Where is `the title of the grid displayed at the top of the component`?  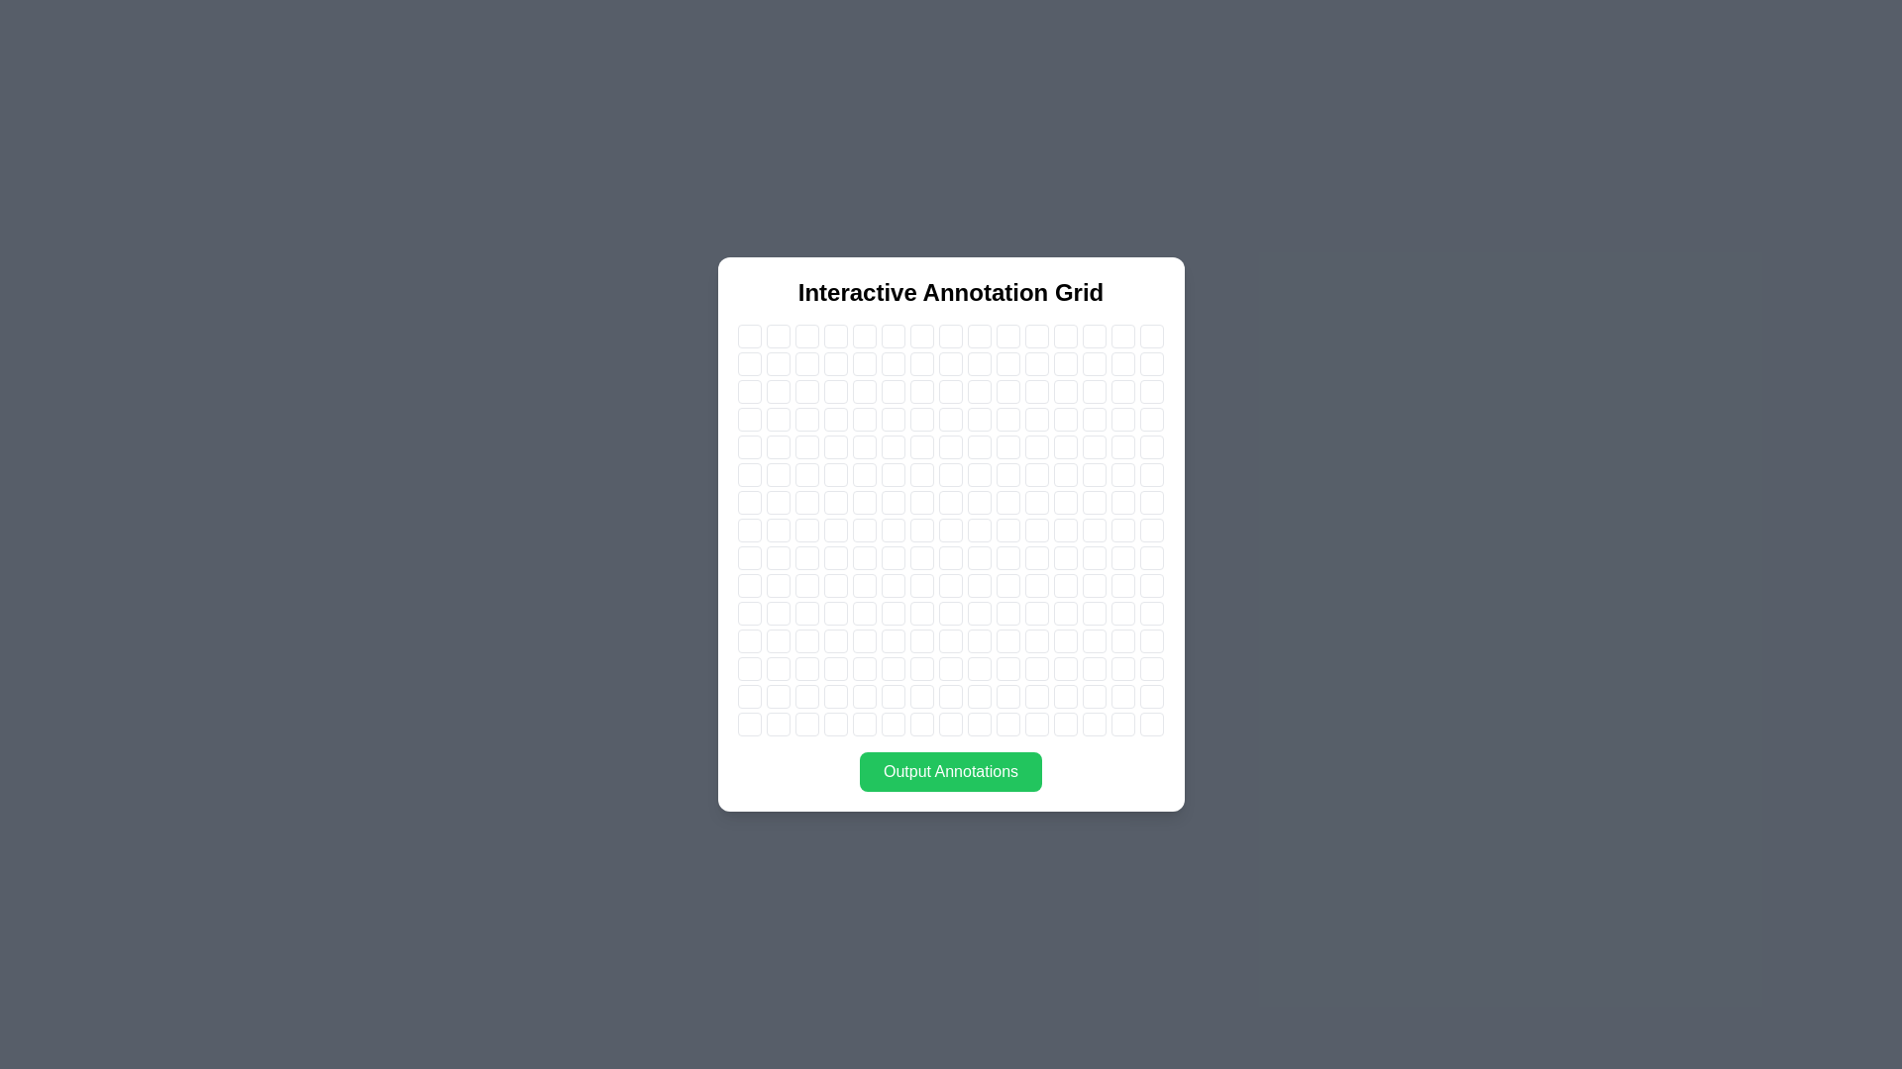 the title of the grid displayed at the top of the component is located at coordinates (951, 293).